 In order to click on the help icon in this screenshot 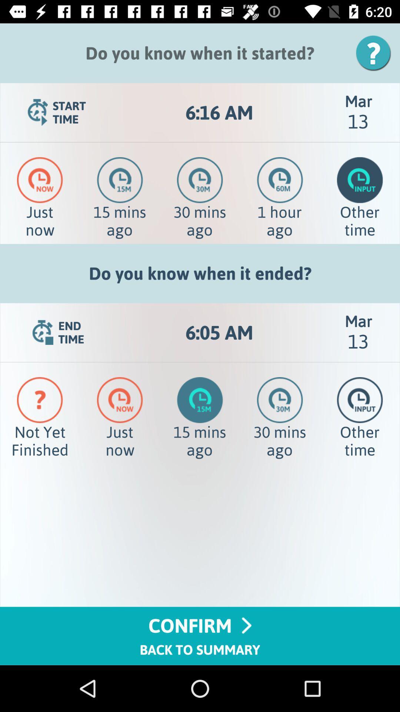, I will do `click(376, 53)`.